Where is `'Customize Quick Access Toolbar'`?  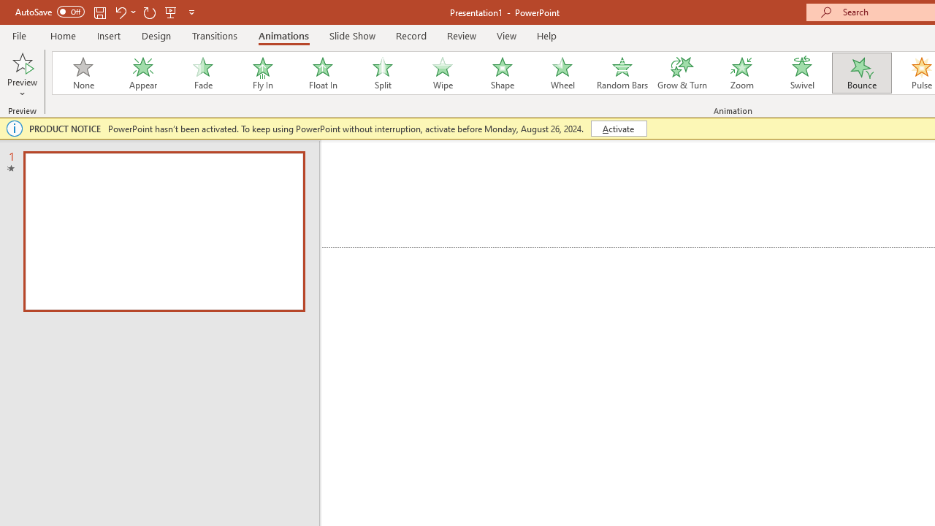
'Customize Quick Access Toolbar' is located at coordinates (191, 12).